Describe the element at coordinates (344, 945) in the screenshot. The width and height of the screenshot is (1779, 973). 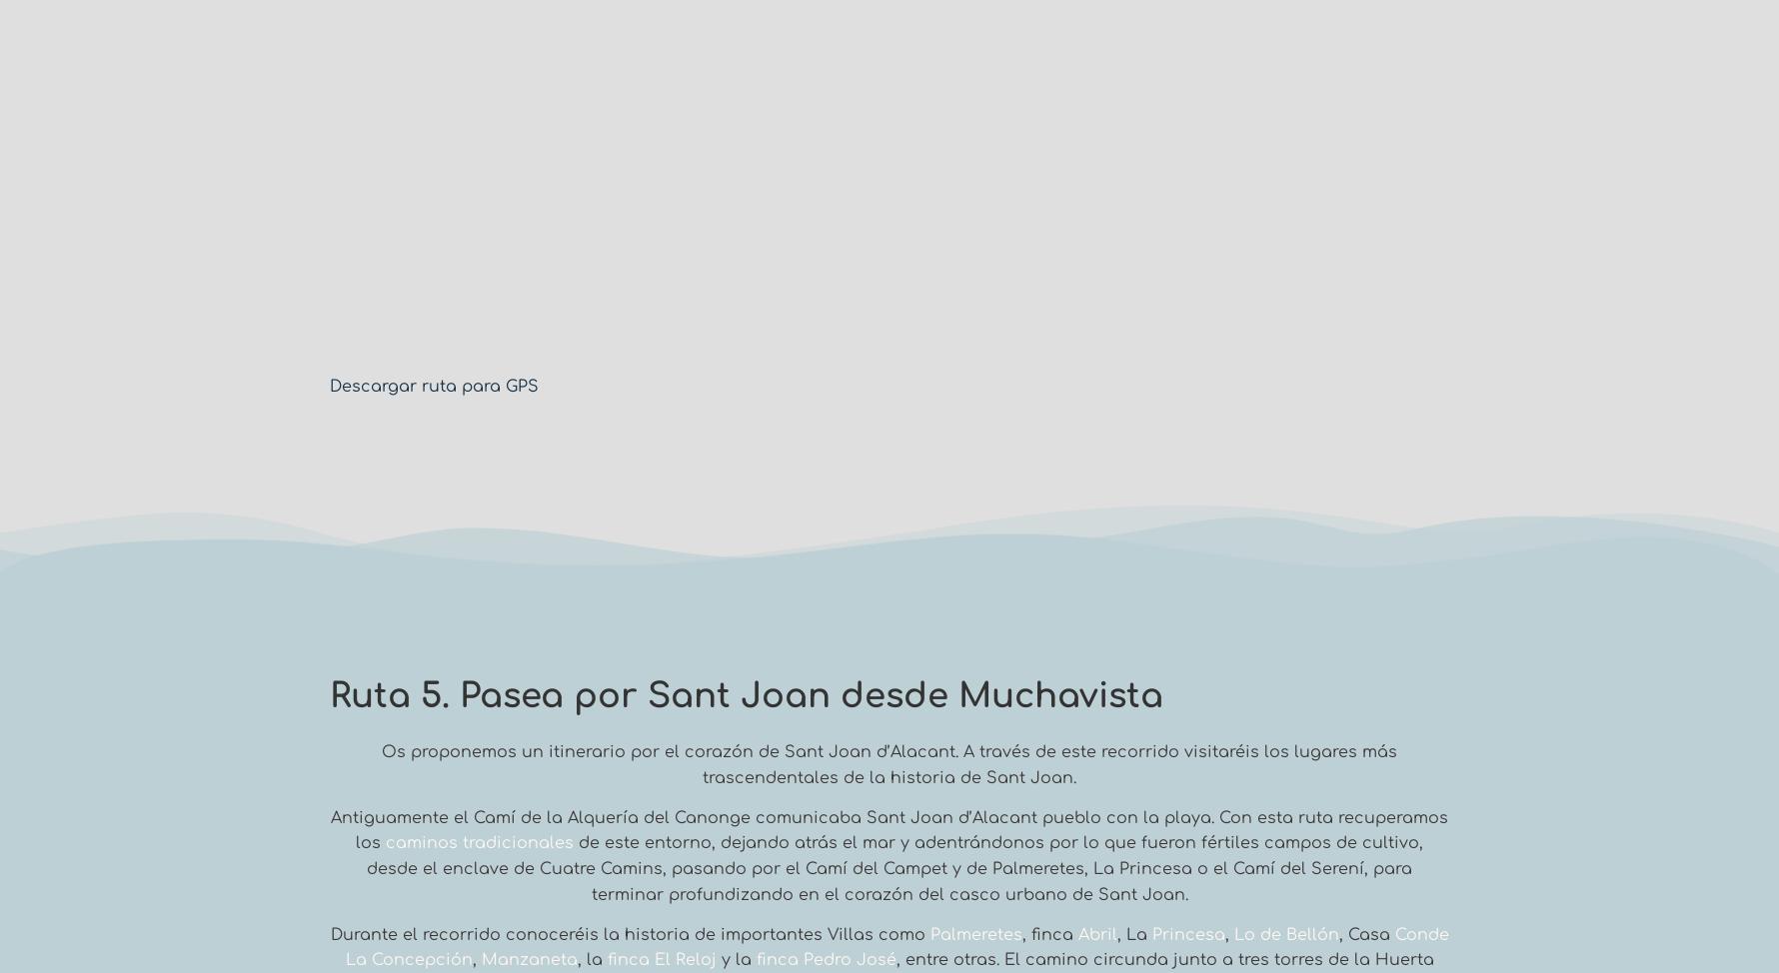
I see `'Conde La Concepción'` at that location.